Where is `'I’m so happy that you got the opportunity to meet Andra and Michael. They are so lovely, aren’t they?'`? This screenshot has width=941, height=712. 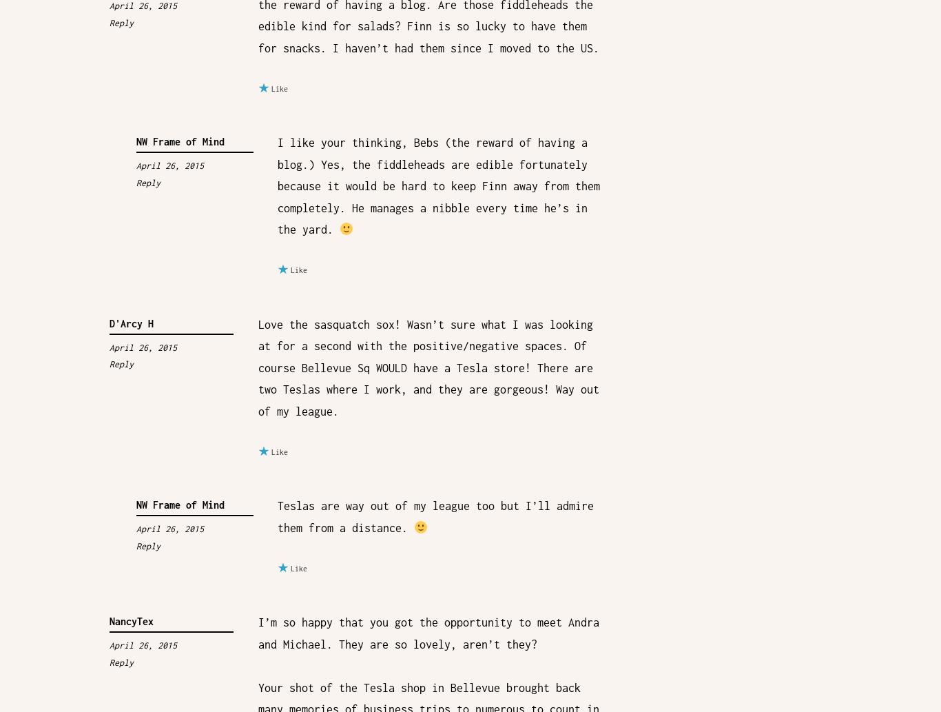 'I’m so happy that you got the opportunity to meet Andra and Michael. They are so lovely, aren’t they?' is located at coordinates (427, 632).